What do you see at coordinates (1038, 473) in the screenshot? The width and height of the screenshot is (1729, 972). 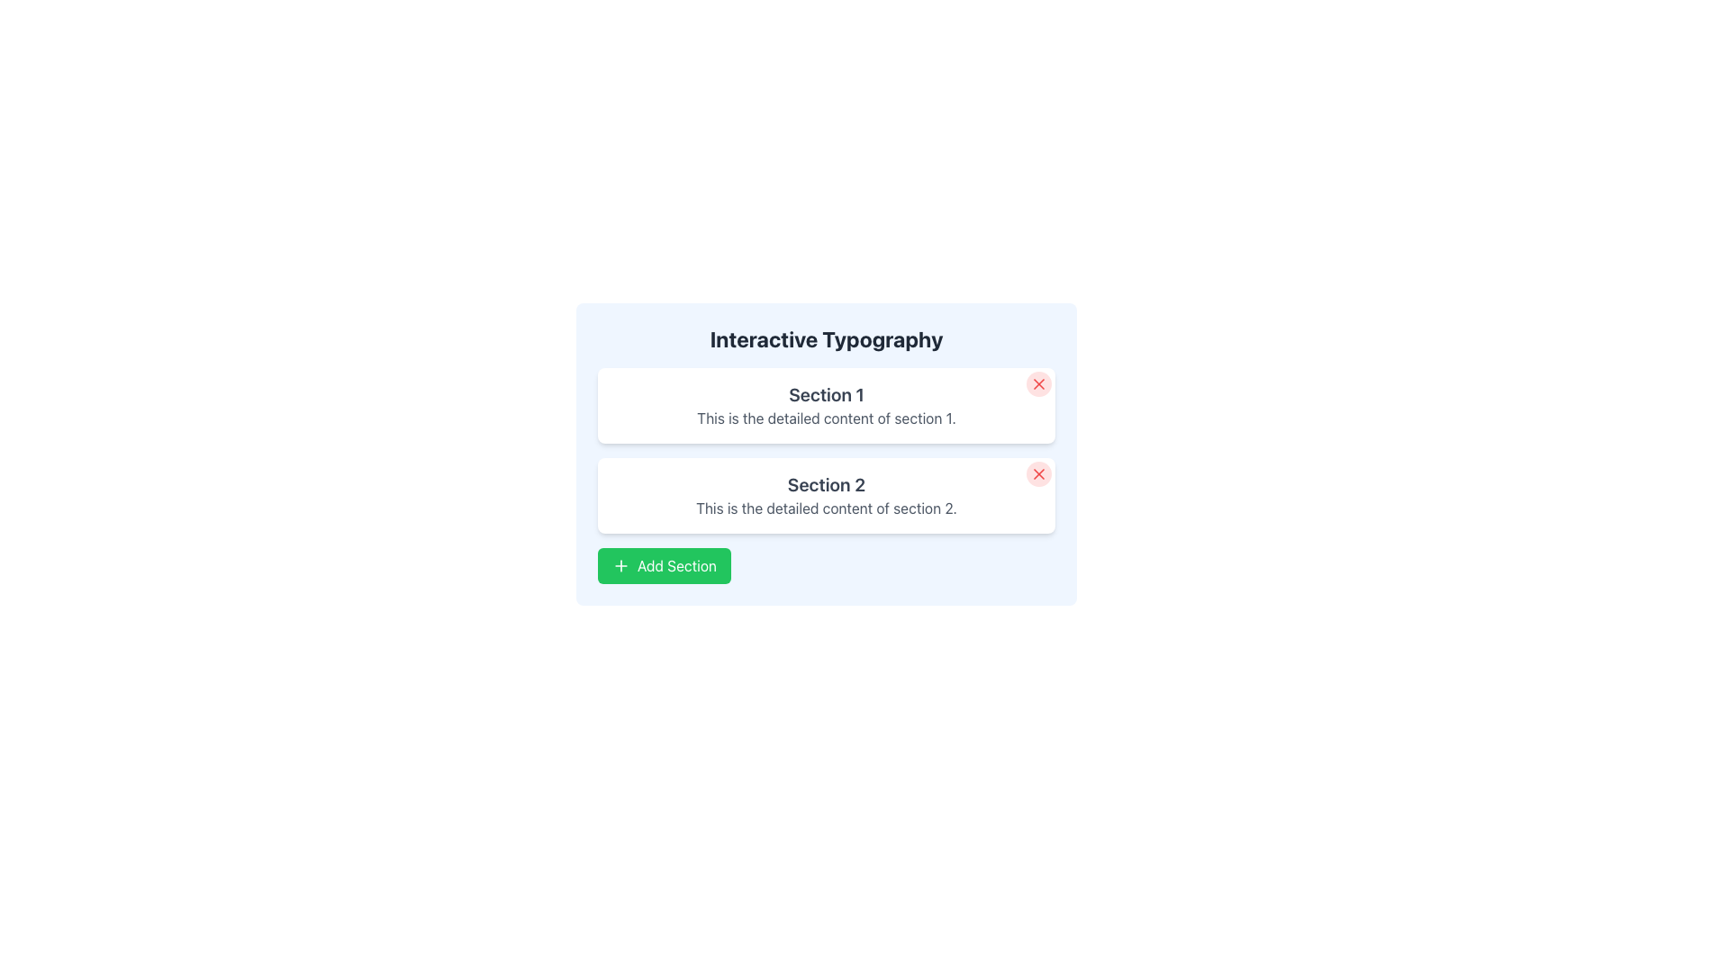 I see `the diagonal cross icon ('X') which is styled in red and serves as the 'close' button for the second section of the interface` at bounding box center [1038, 473].